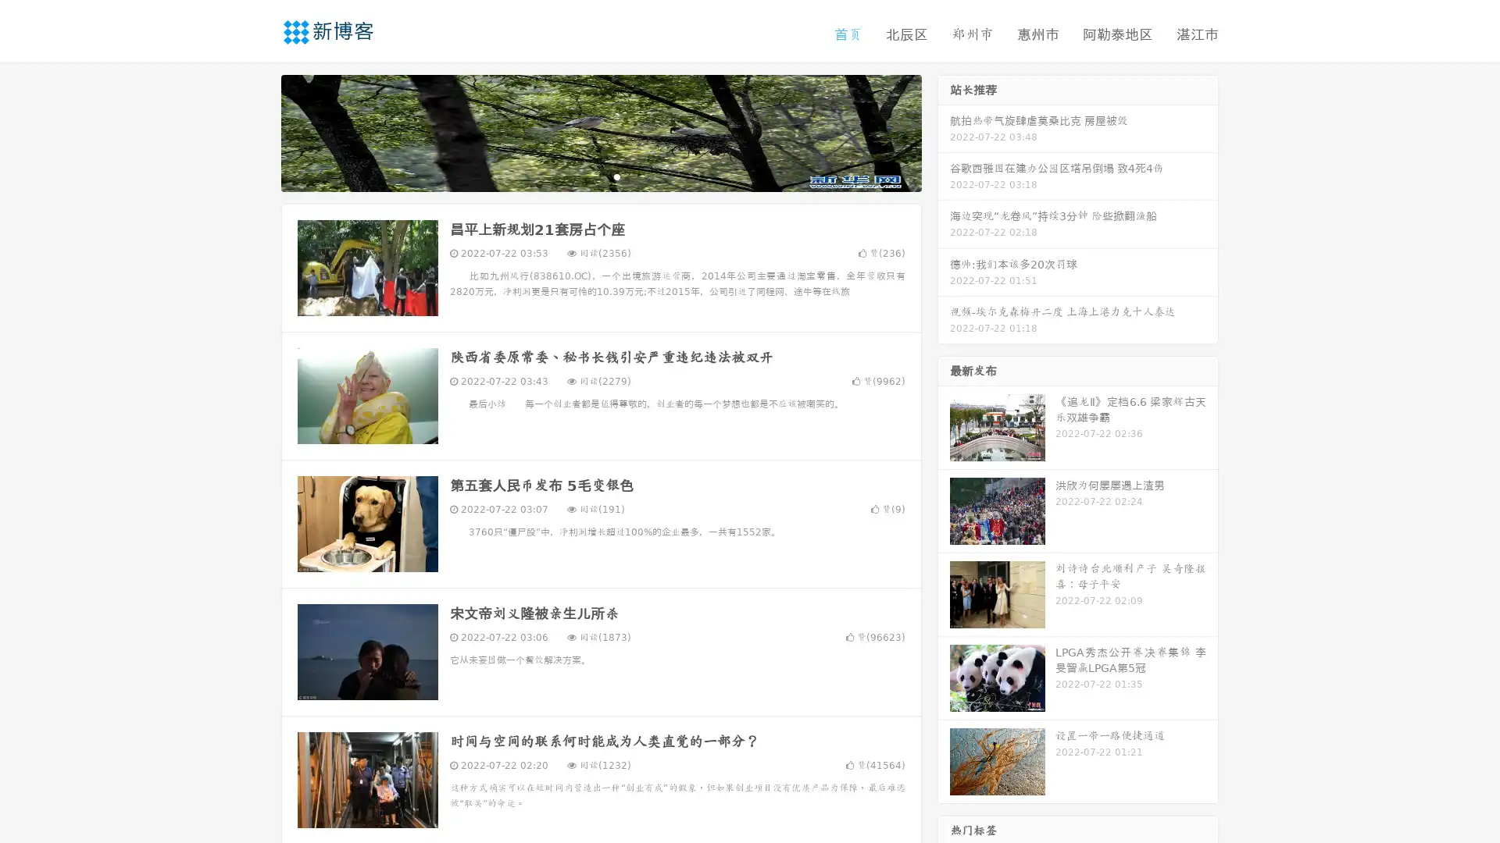 The height and width of the screenshot is (843, 1500). I want to click on Next slide, so click(944, 131).